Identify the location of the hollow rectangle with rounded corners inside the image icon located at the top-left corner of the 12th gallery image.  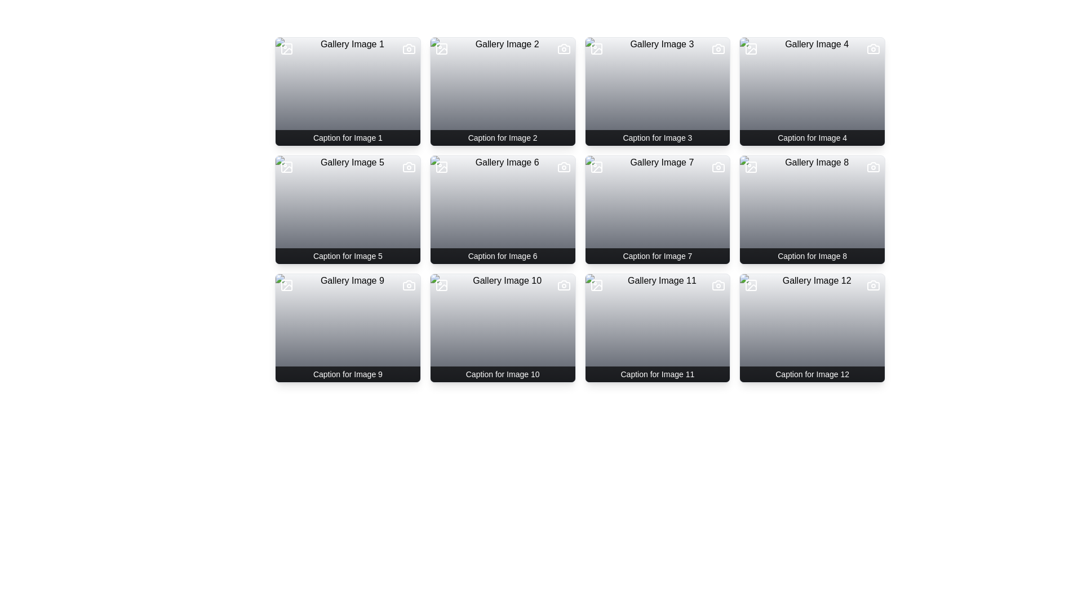
(751, 284).